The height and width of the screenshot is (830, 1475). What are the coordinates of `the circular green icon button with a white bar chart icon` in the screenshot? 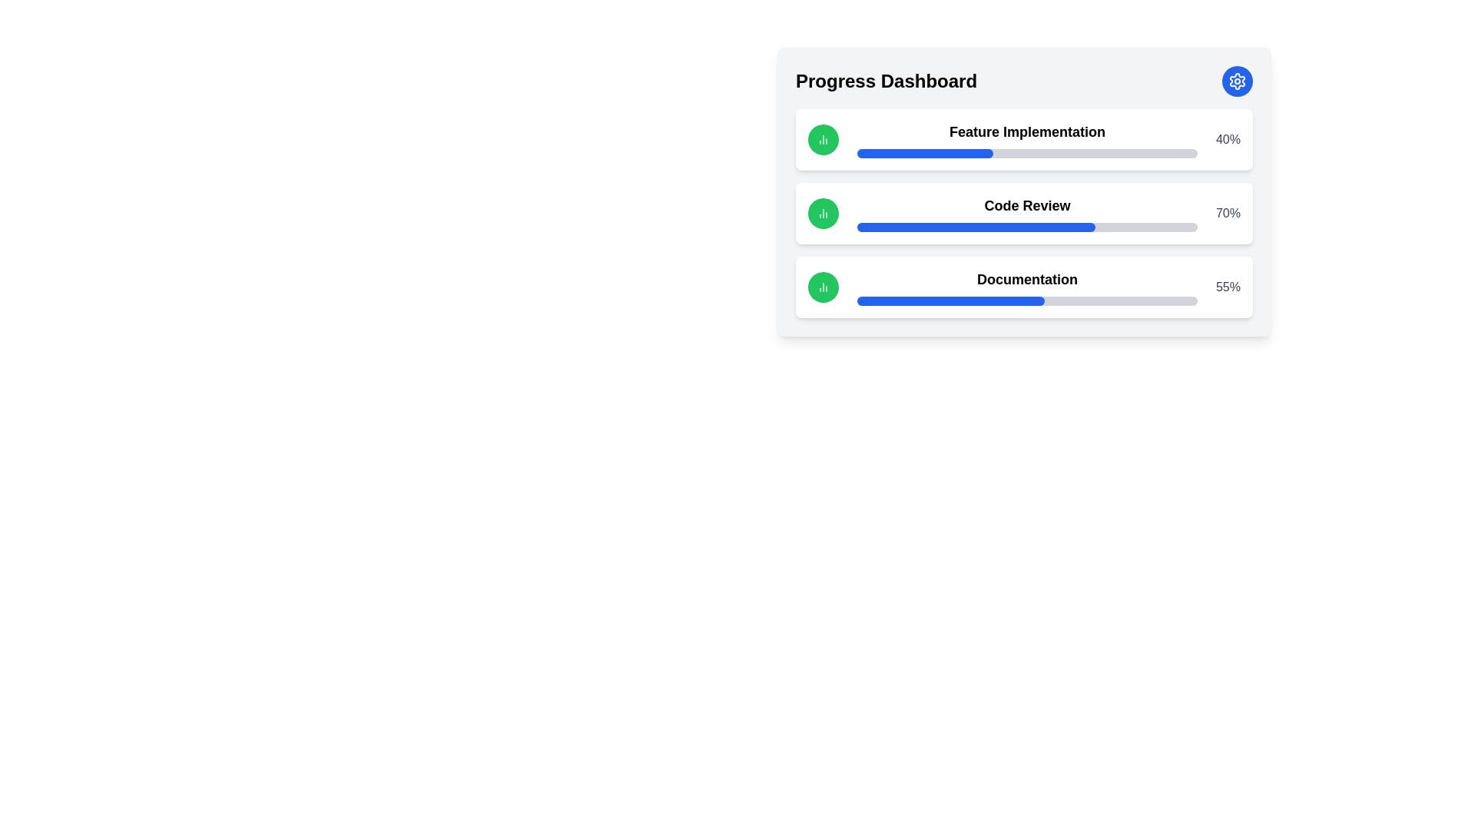 It's located at (822, 287).